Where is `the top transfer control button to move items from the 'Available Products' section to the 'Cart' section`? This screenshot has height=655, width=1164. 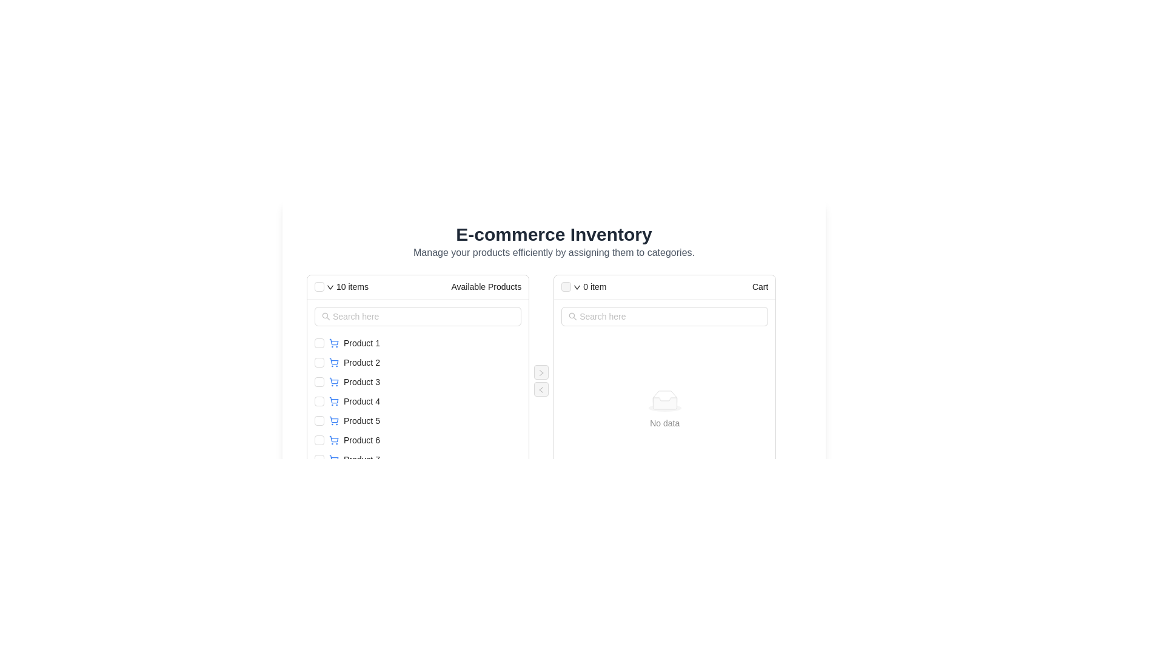
the top transfer control button to move items from the 'Available Products' section to the 'Cart' section is located at coordinates (541, 380).